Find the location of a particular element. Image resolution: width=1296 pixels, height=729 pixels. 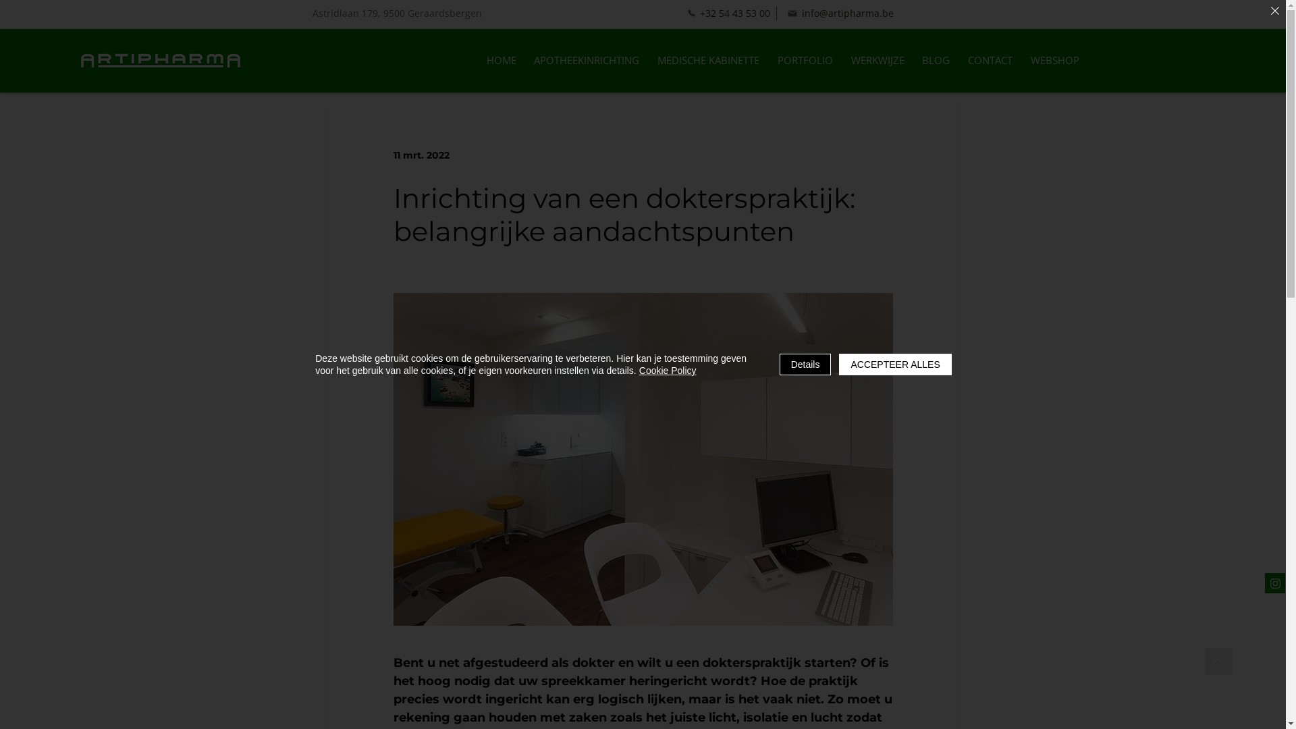

'Details' is located at coordinates (805, 364).